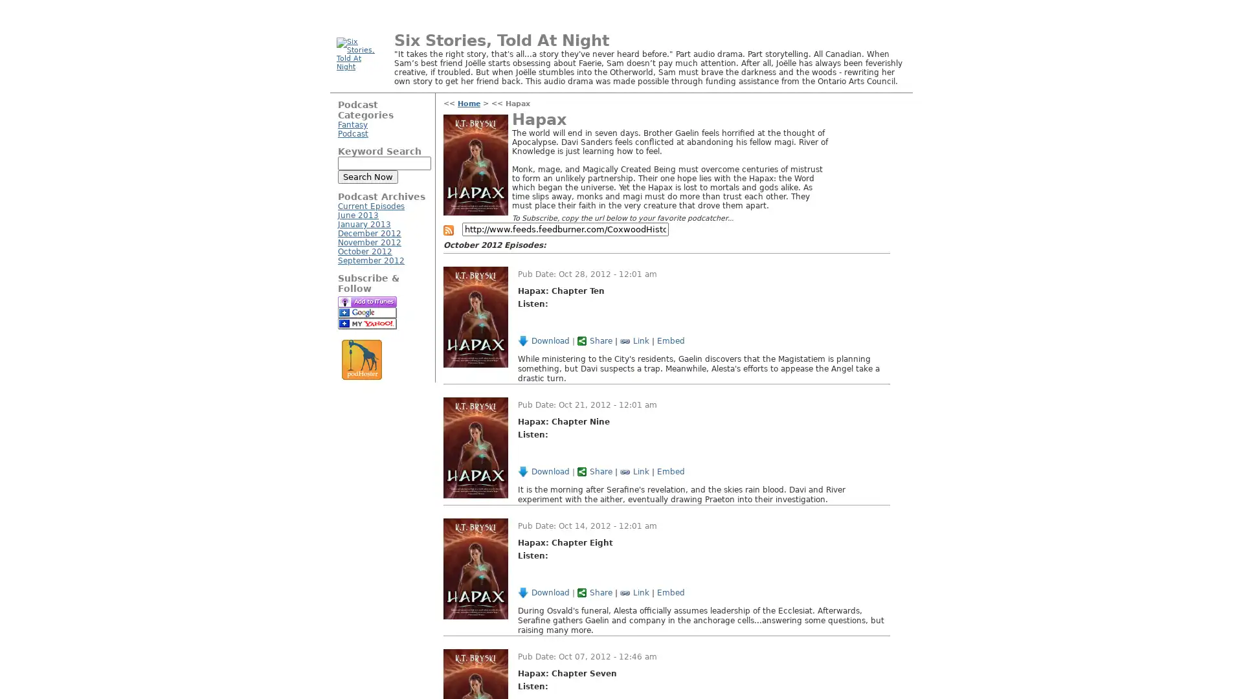  Describe the element at coordinates (367, 177) in the screenshot. I see `Search Now` at that location.